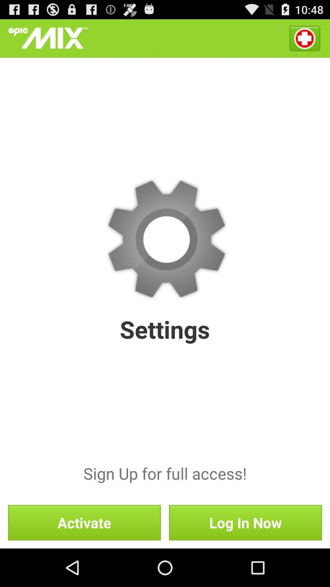 The height and width of the screenshot is (587, 330). Describe the element at coordinates (245, 522) in the screenshot. I see `the item below sign up for item` at that location.